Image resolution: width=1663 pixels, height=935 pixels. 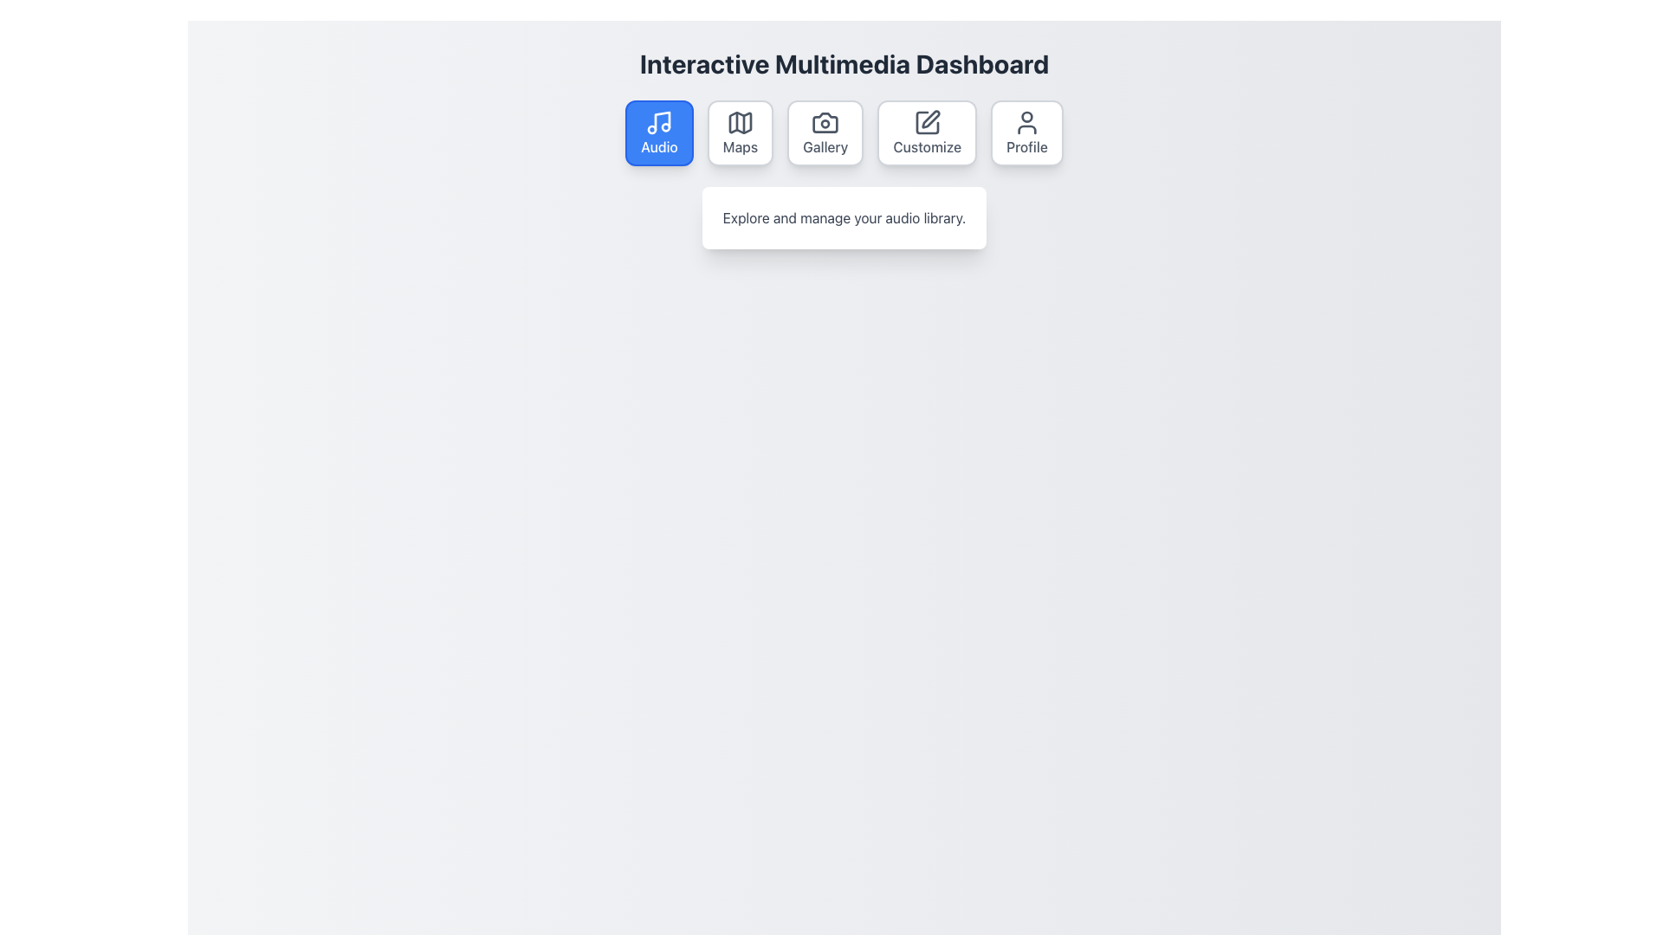 I want to click on the central segment of the map icon within the 'Maps' button in the menu bar, so click(x=740, y=122).